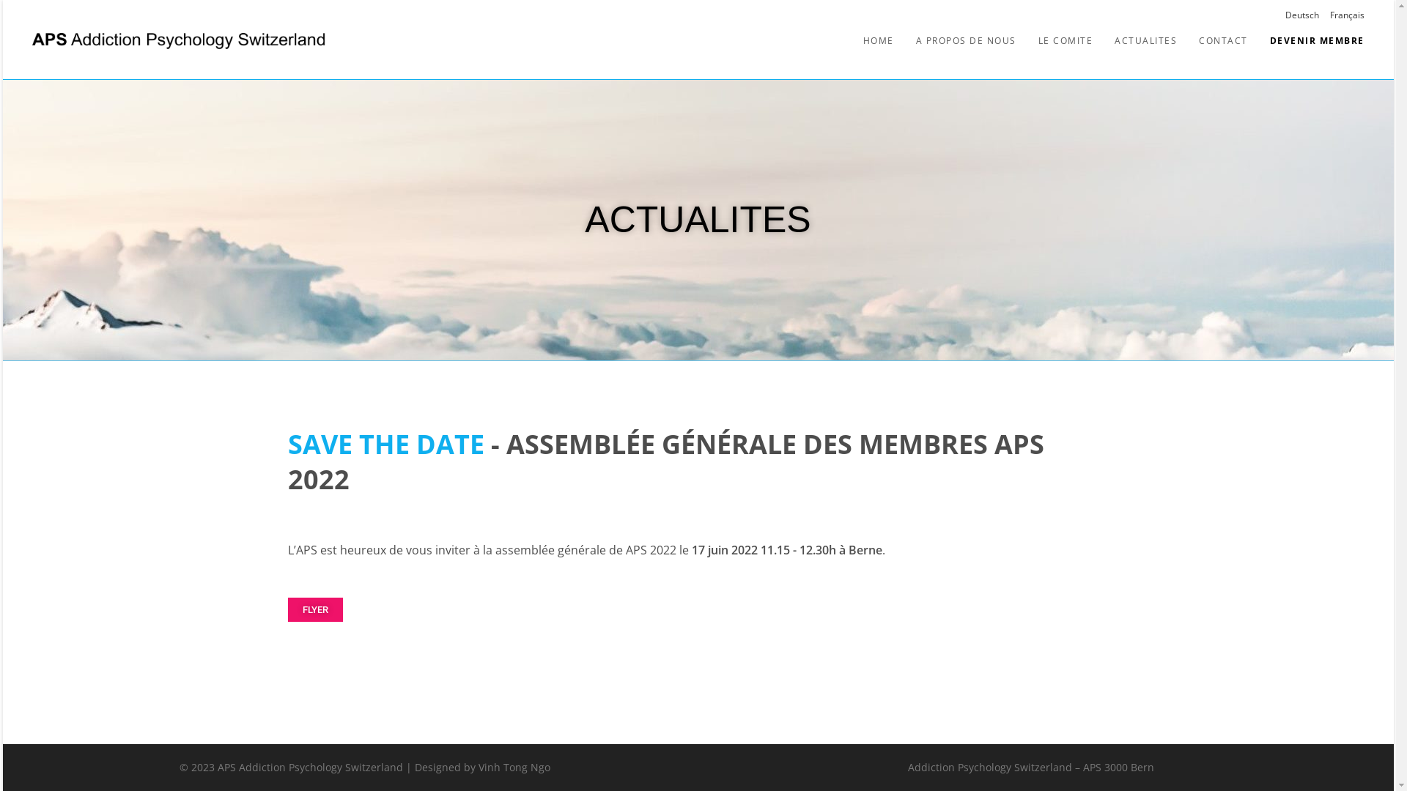 The height and width of the screenshot is (791, 1407). I want to click on 'A PROPOS DE NOUS', so click(965, 40).